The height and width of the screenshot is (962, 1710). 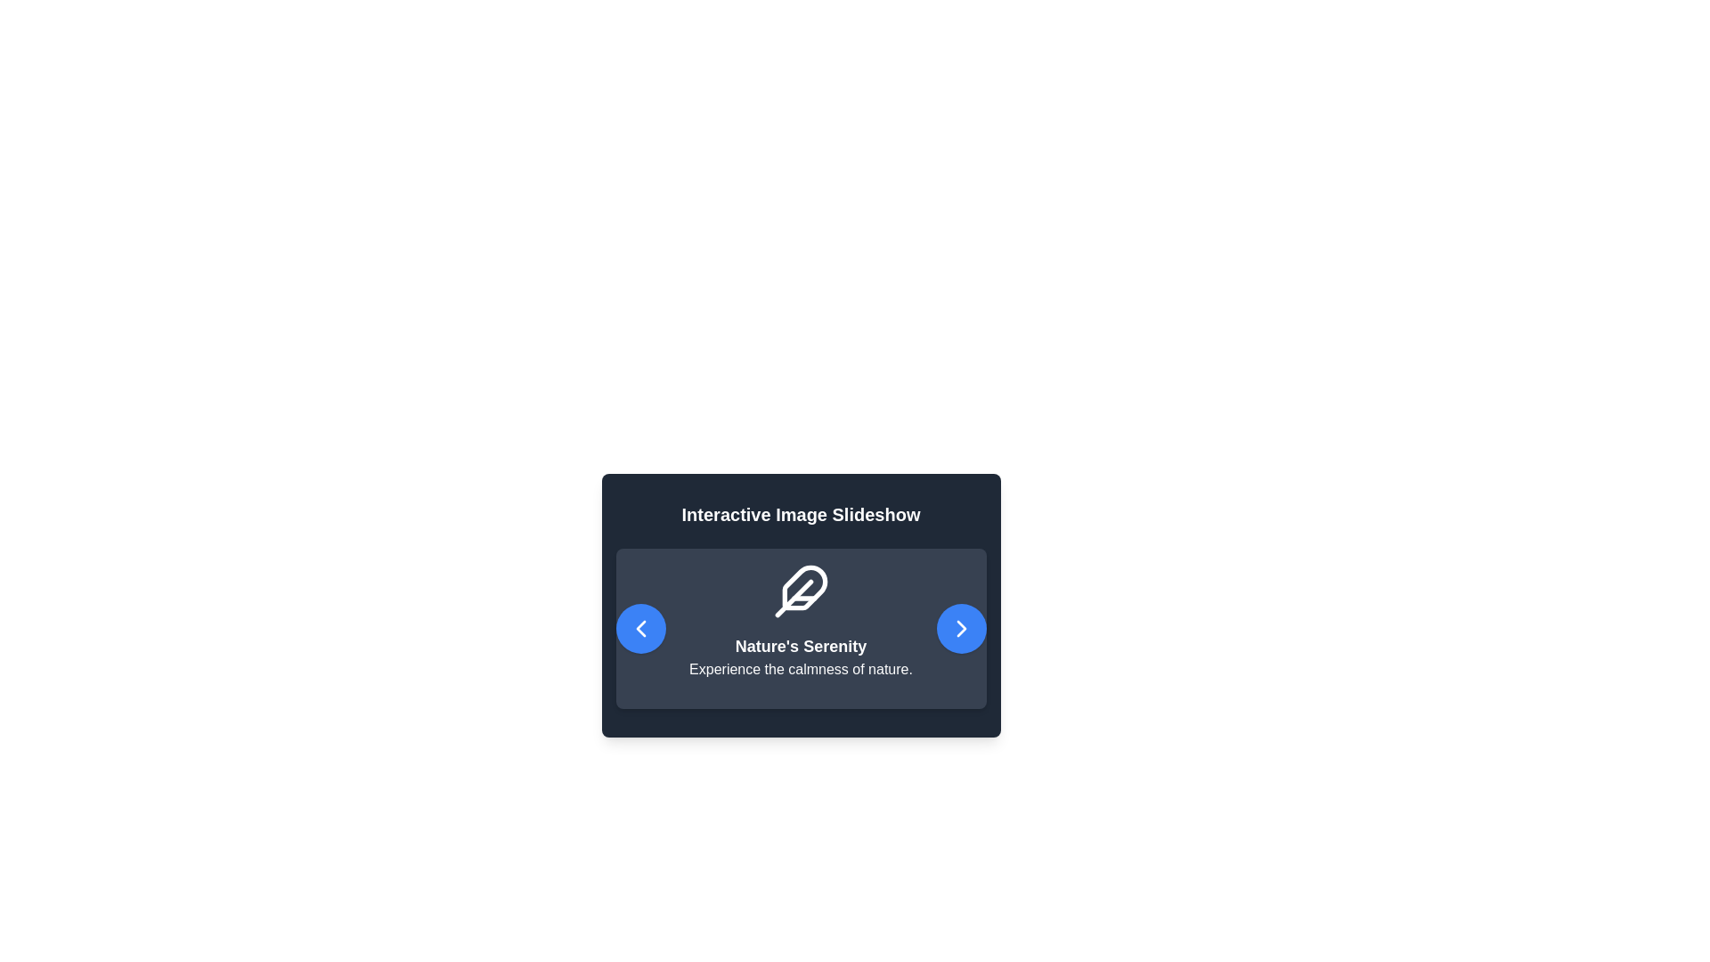 I want to click on the right-pointing arrow icon inside the button, so click(x=960, y=627).